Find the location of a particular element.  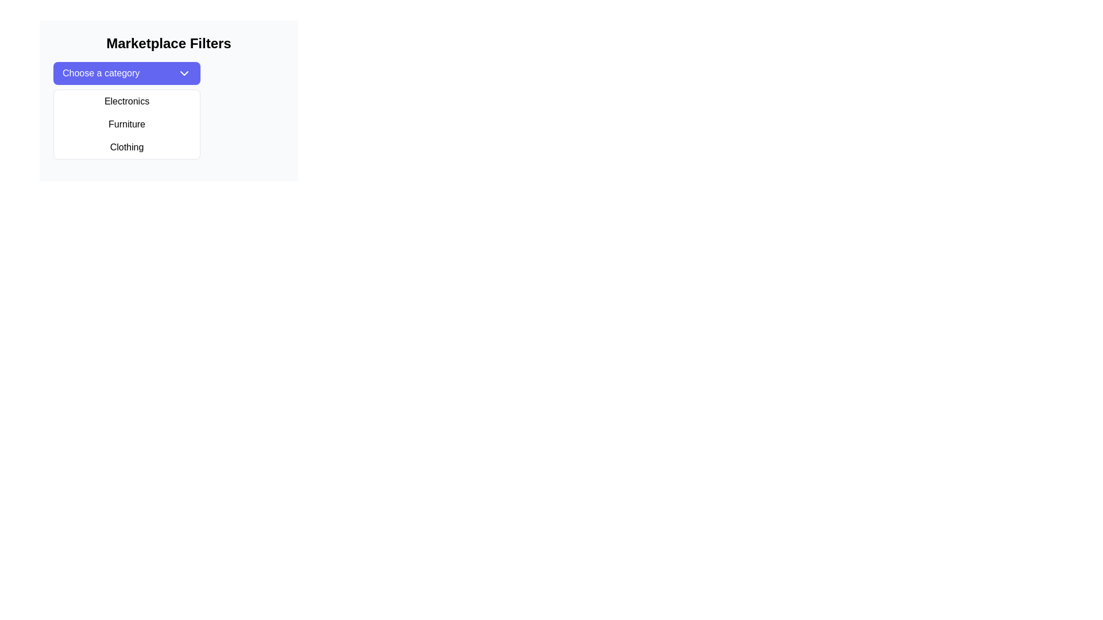

the dropdown menu indicator icon located in the top-right corner of the purple button labeled 'Choose a category' to potentially trigger a tooltip is located at coordinates (184, 73).